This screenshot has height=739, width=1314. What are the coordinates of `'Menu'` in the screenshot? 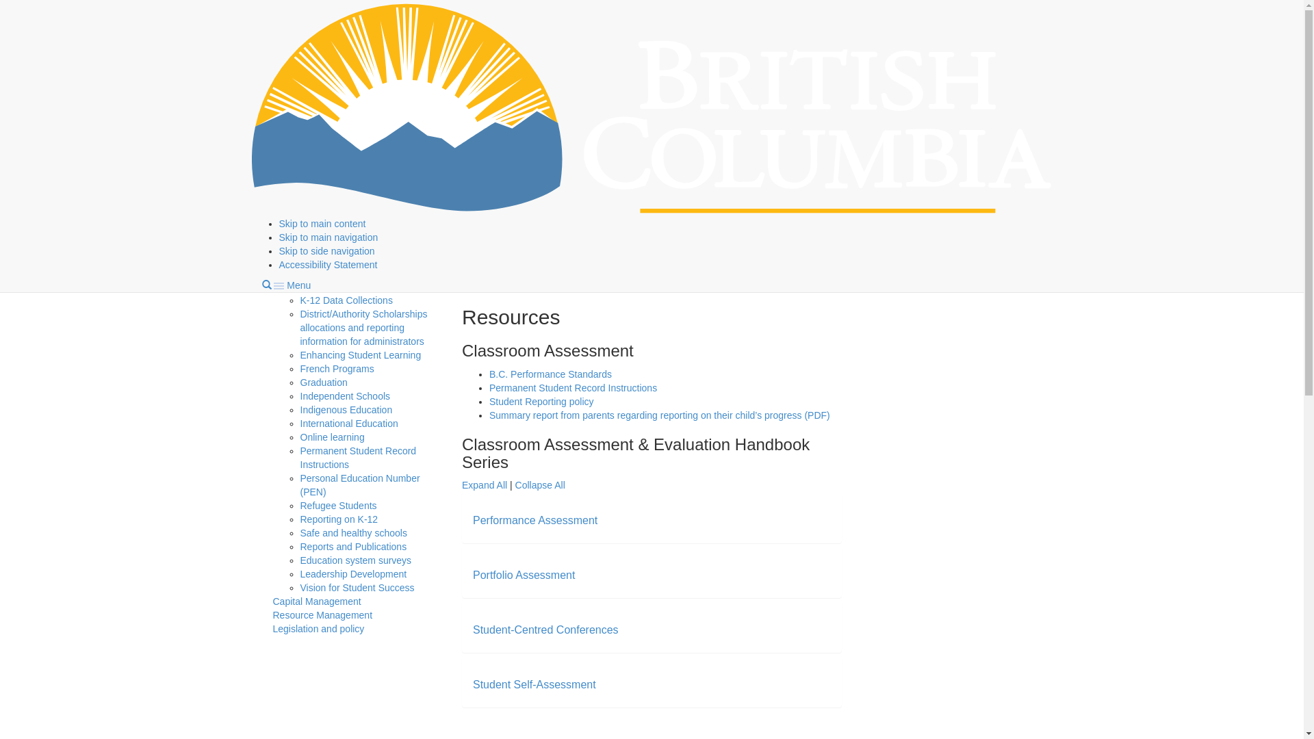 It's located at (292, 284).